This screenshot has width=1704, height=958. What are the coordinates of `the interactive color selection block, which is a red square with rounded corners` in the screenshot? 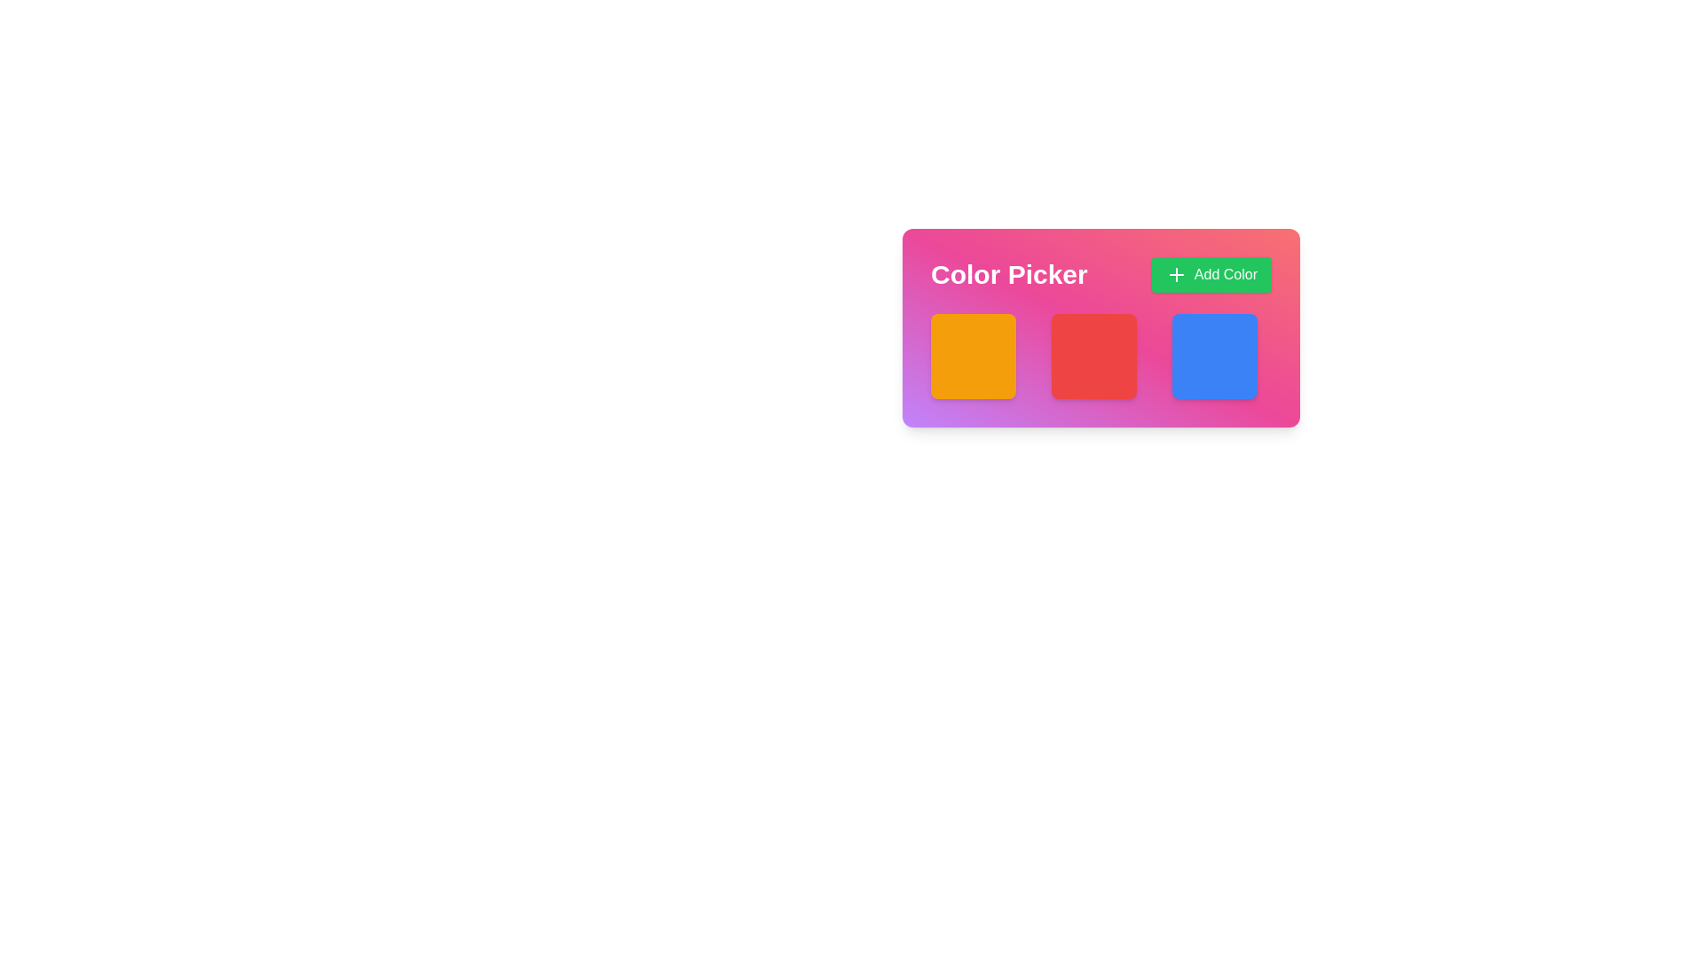 It's located at (1100, 356).